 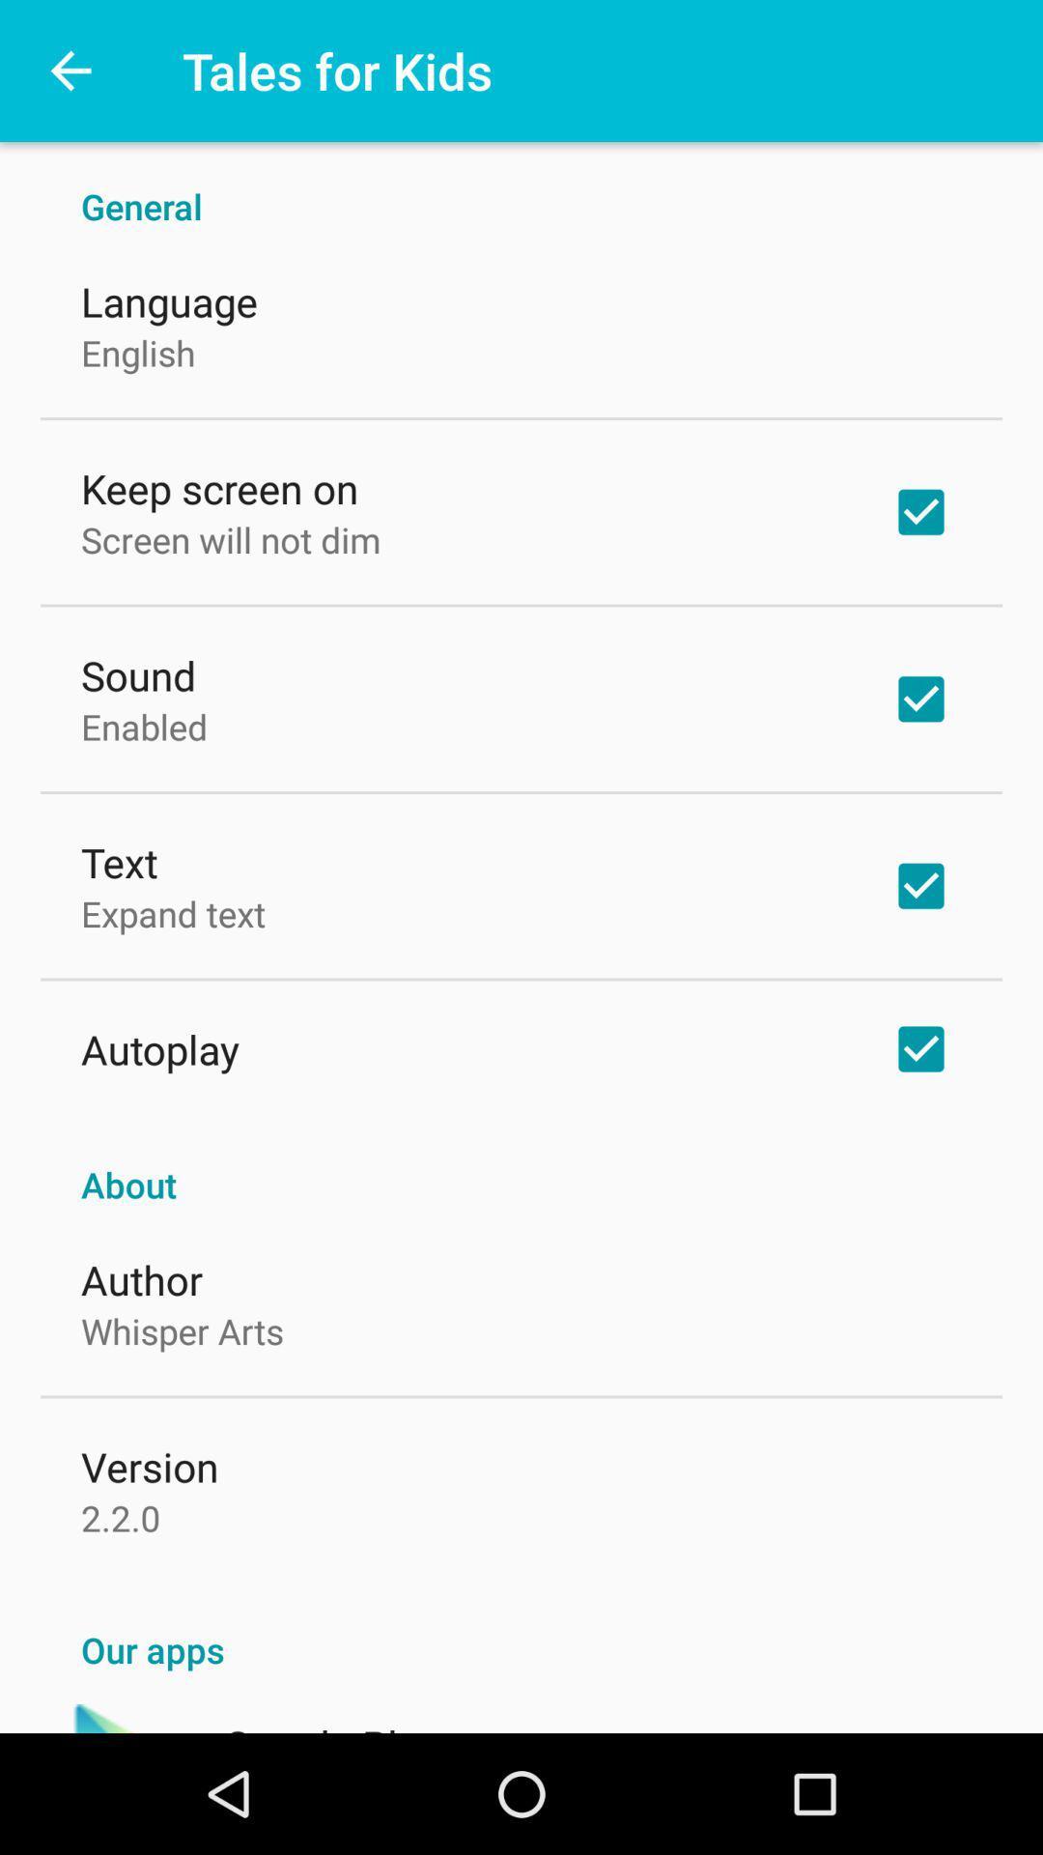 What do you see at coordinates (521, 1628) in the screenshot?
I see `the our apps` at bounding box center [521, 1628].